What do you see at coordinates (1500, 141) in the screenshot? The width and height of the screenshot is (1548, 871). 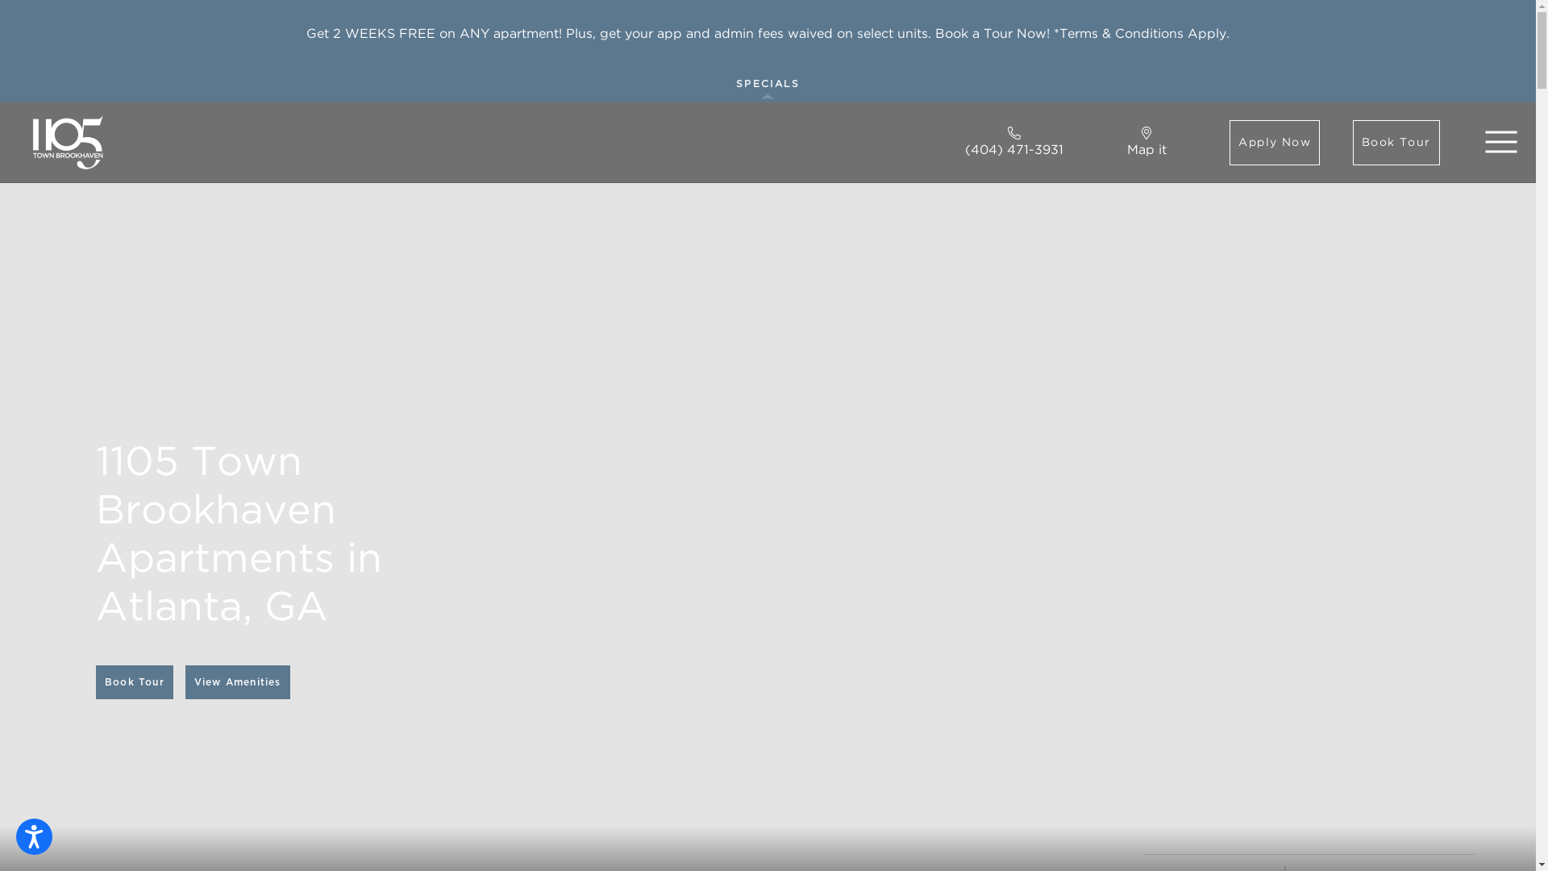 I see `'Open Menu'` at bounding box center [1500, 141].